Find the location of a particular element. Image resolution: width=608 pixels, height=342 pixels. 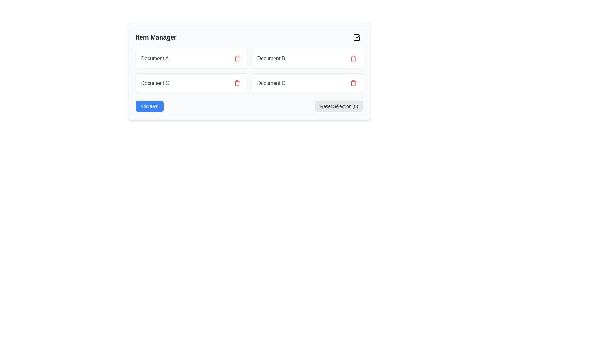

the 'Add Item' button located at the bottom-left of the 'Item Manager' module to observe the hover effect is located at coordinates (149, 106).